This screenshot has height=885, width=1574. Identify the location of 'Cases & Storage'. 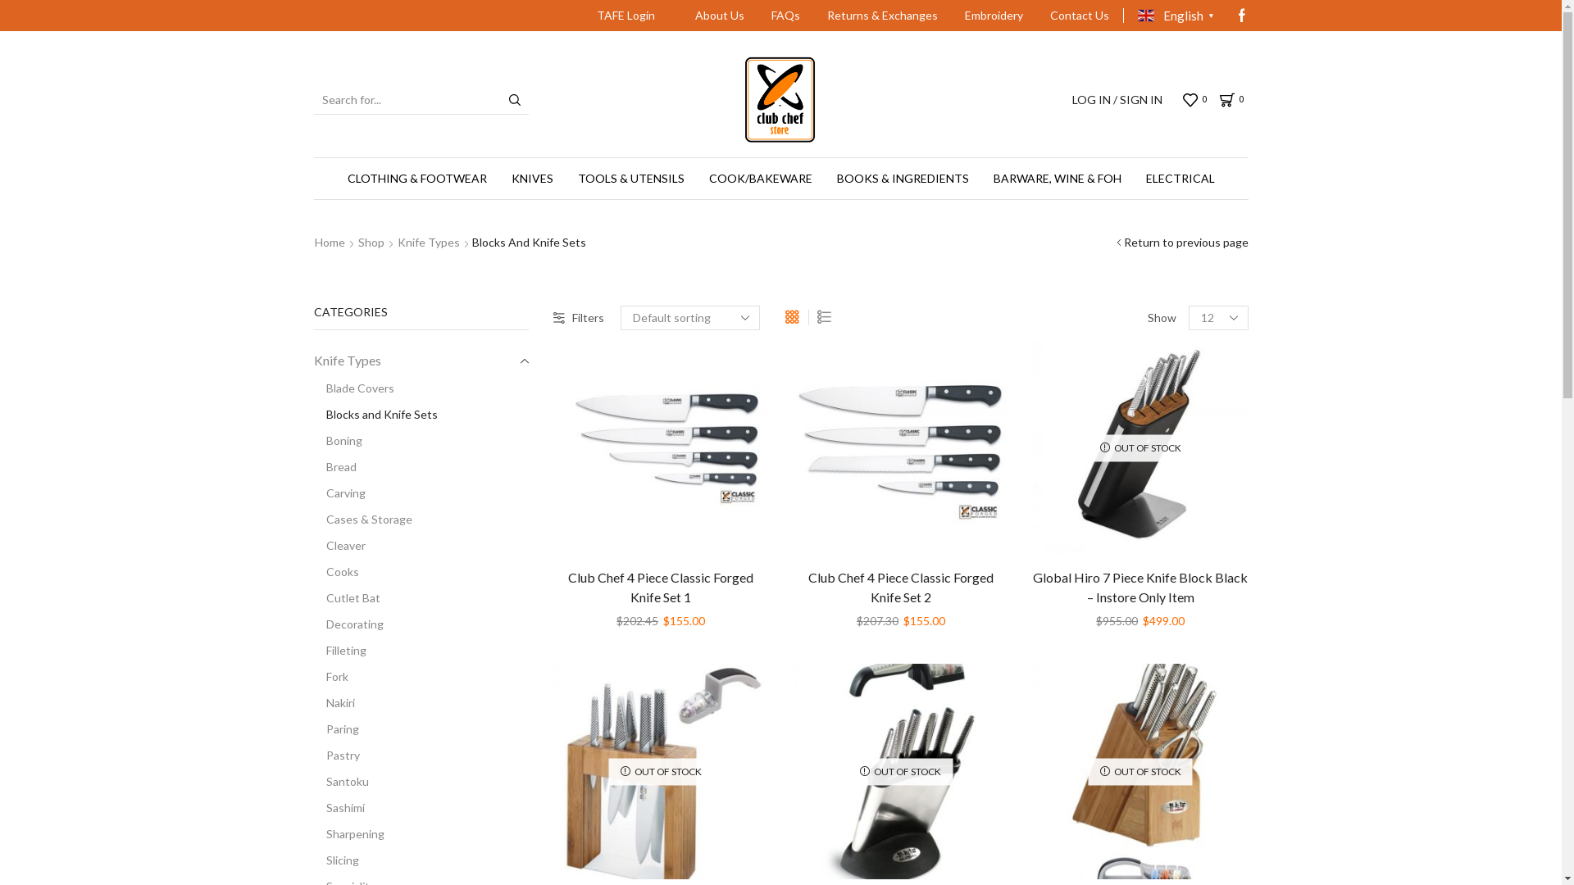
(361, 519).